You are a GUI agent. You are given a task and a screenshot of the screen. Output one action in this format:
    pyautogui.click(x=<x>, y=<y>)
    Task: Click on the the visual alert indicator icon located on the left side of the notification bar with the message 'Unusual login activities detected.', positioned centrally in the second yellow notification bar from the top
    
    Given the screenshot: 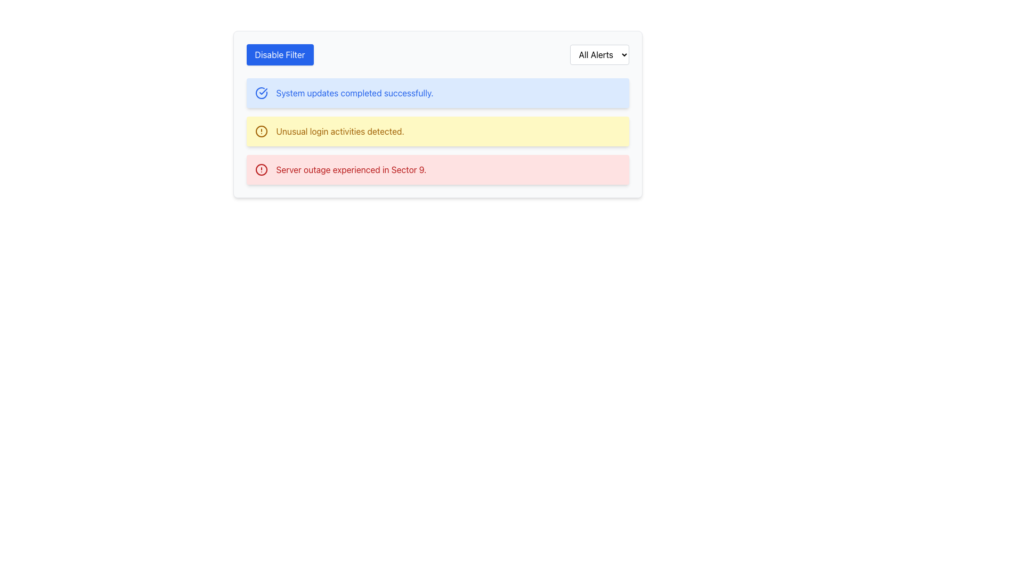 What is the action you would take?
    pyautogui.click(x=261, y=130)
    